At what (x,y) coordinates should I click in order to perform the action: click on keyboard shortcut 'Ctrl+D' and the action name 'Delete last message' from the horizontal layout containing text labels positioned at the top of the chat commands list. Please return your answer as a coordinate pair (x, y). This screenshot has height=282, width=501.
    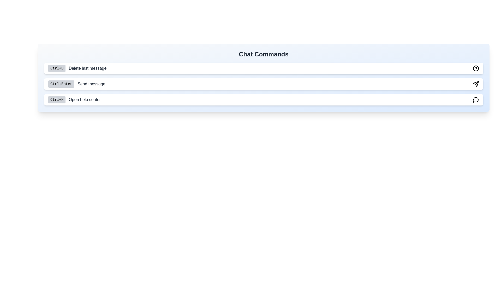
    Looking at the image, I should click on (77, 68).